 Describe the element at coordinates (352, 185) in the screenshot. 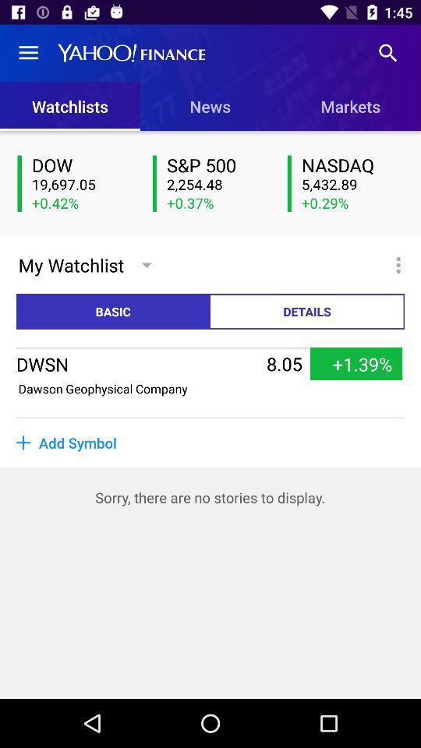

I see `5,432.89 item` at that location.